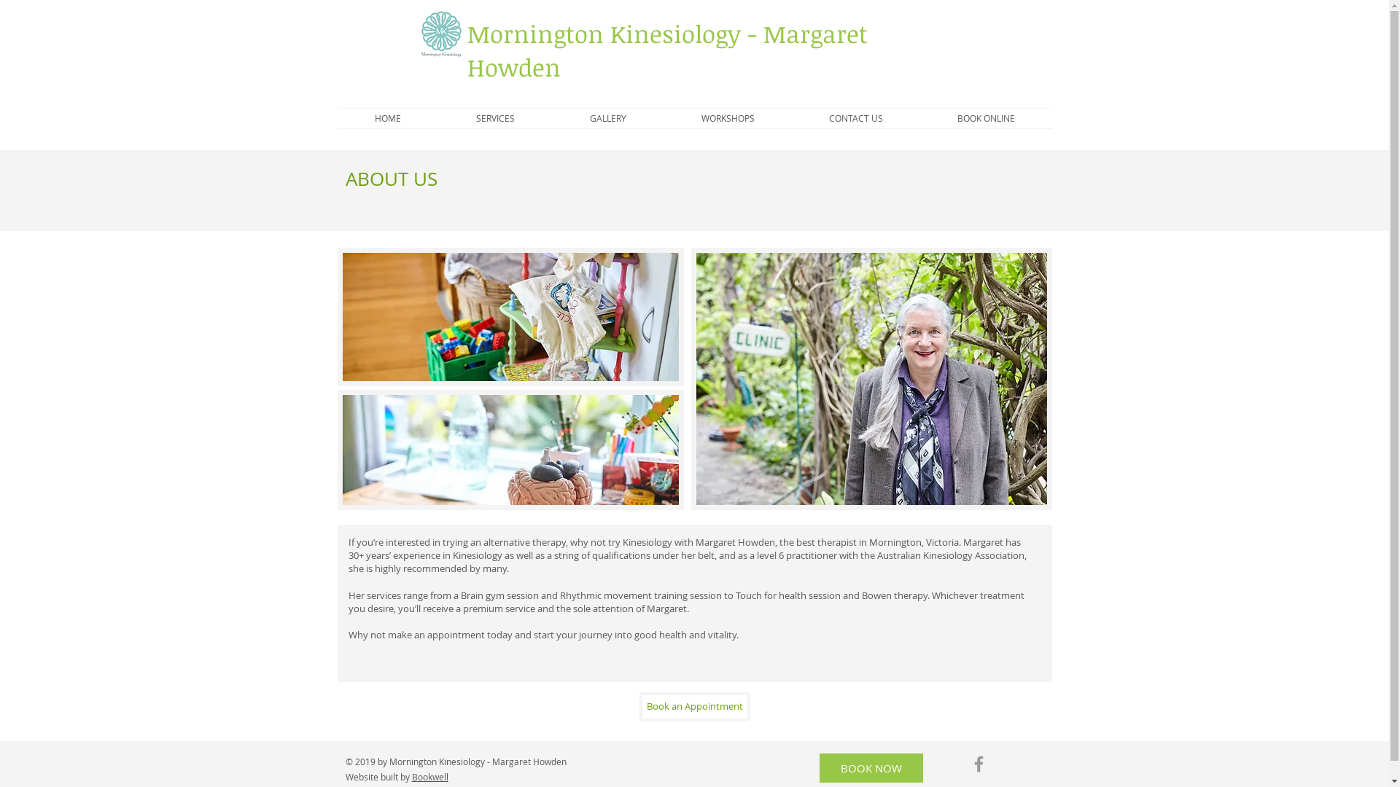 The image size is (1400, 787). Describe the element at coordinates (663, 117) in the screenshot. I see `'WORKSHOPS'` at that location.